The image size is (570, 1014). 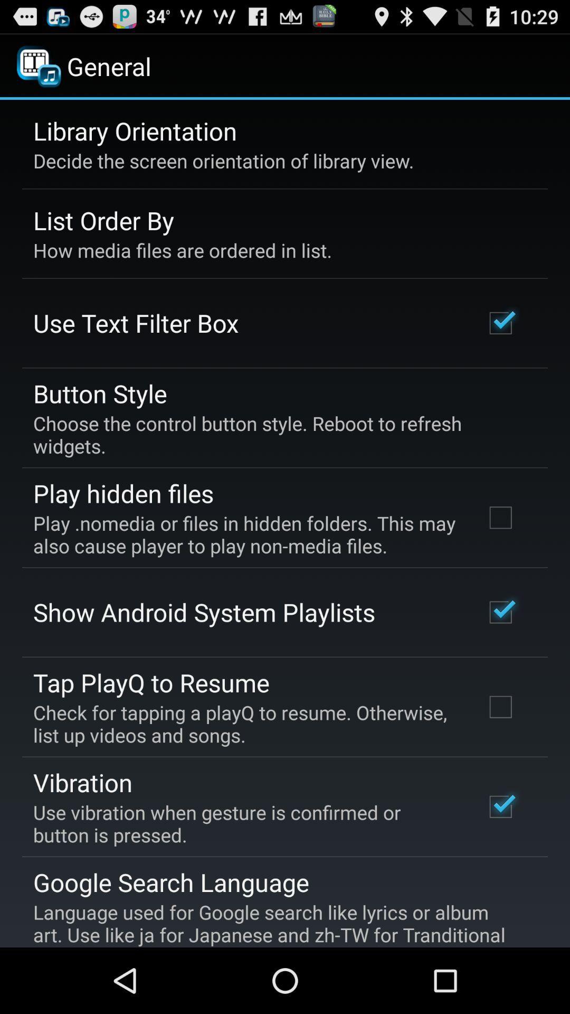 What do you see at coordinates (223, 160) in the screenshot?
I see `the icon above the list order by` at bounding box center [223, 160].